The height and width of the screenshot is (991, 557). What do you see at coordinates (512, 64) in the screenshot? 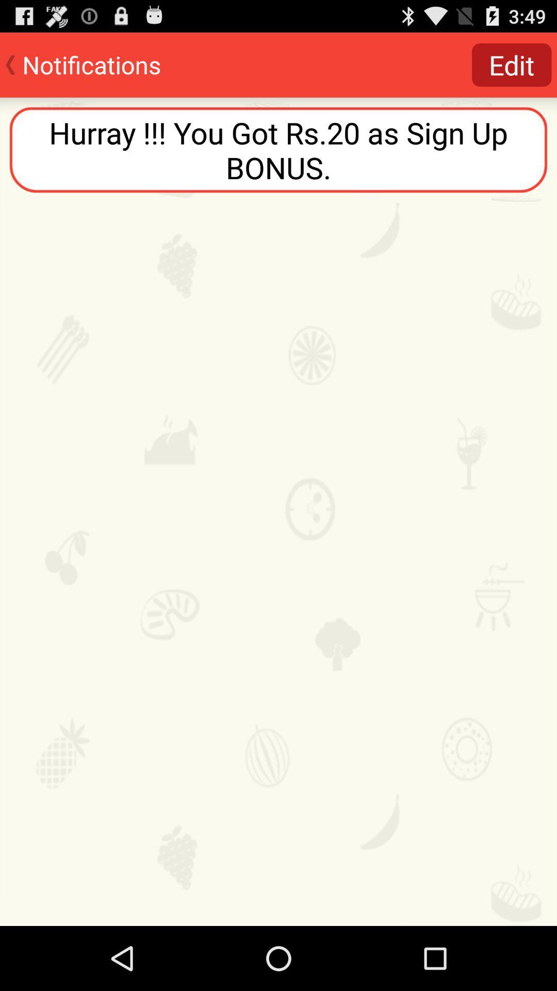
I see `the icon to the right of the notifications` at bounding box center [512, 64].